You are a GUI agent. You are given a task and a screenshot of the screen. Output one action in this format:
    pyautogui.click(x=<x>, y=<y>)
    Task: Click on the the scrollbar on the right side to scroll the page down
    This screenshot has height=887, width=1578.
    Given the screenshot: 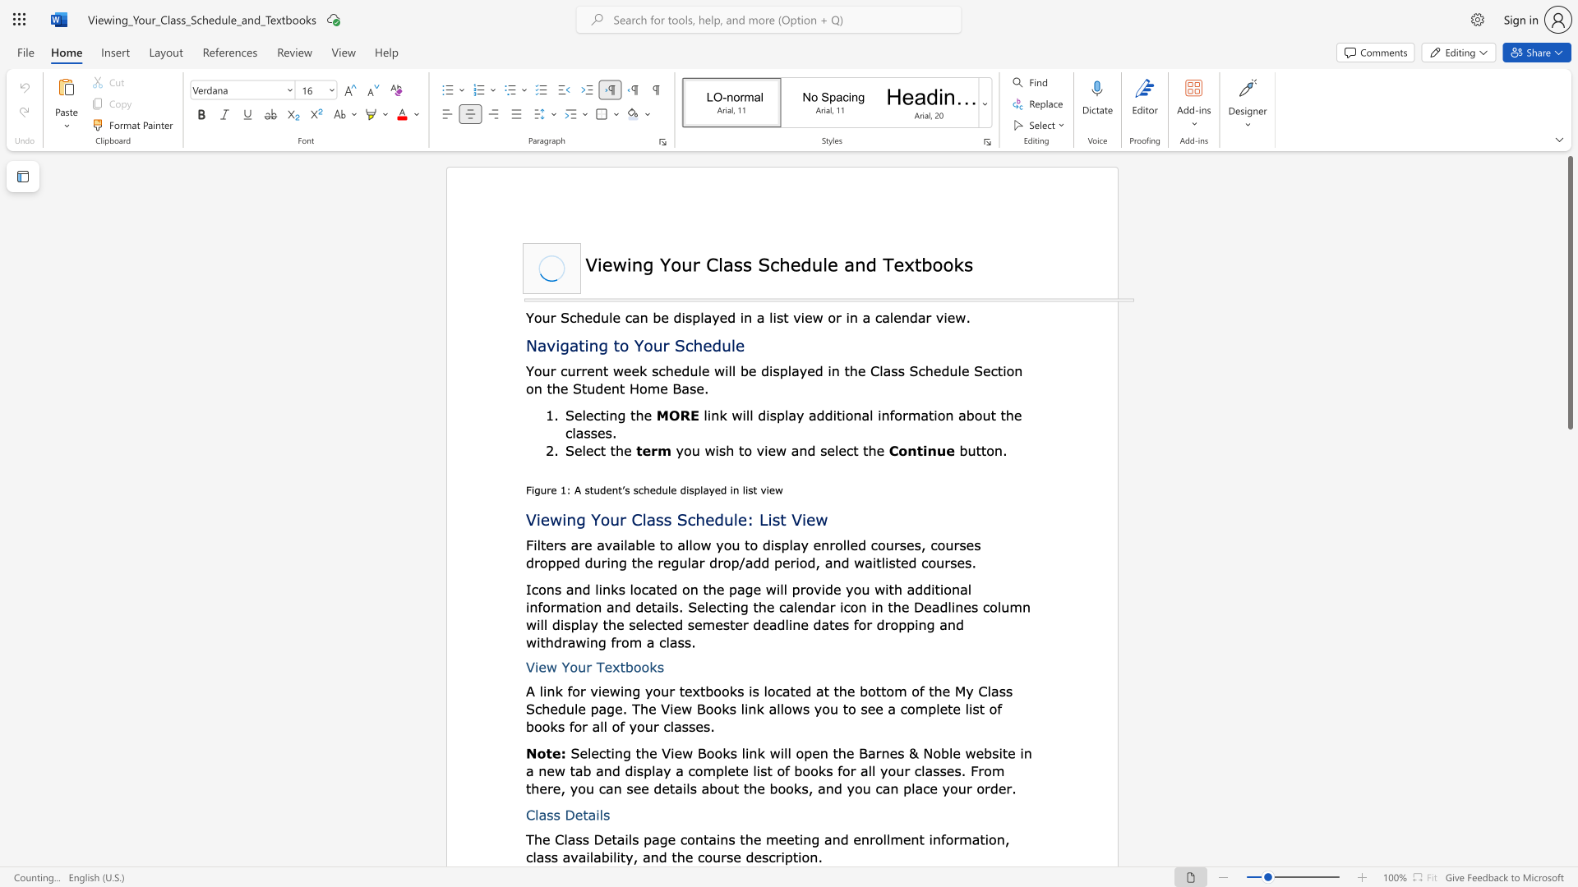 What is the action you would take?
    pyautogui.click(x=1569, y=714)
    